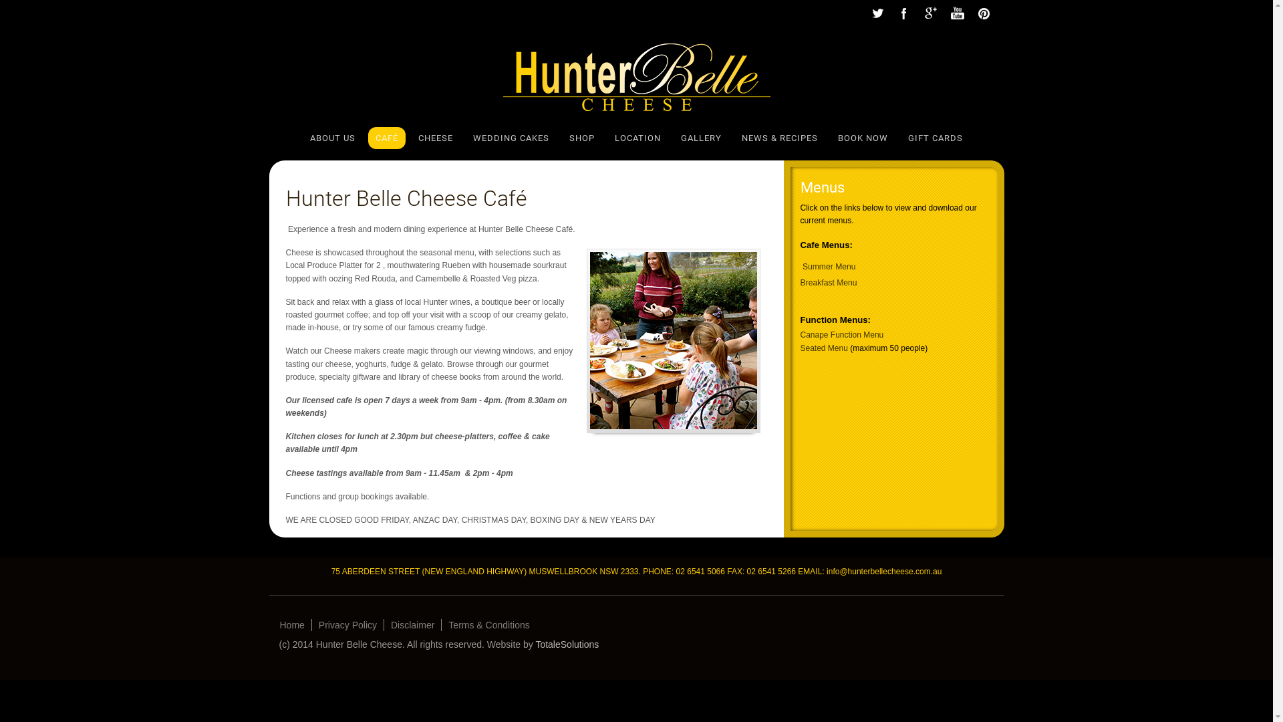  What do you see at coordinates (956, 13) in the screenshot?
I see `'Youtube'` at bounding box center [956, 13].